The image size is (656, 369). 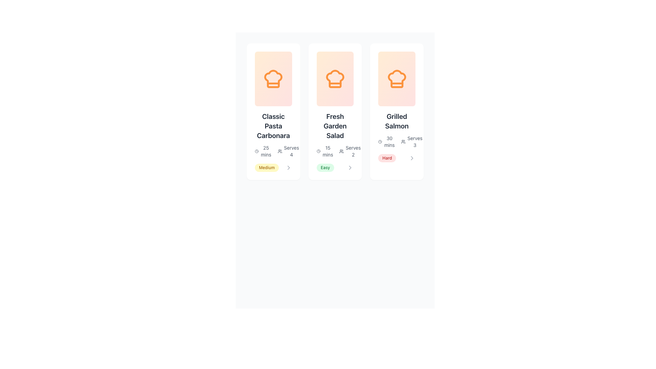 I want to click on the static text label that serves as the title of the recipe card, located in the central part of the leftmost card below the orange chef hat icon, so click(x=273, y=126).